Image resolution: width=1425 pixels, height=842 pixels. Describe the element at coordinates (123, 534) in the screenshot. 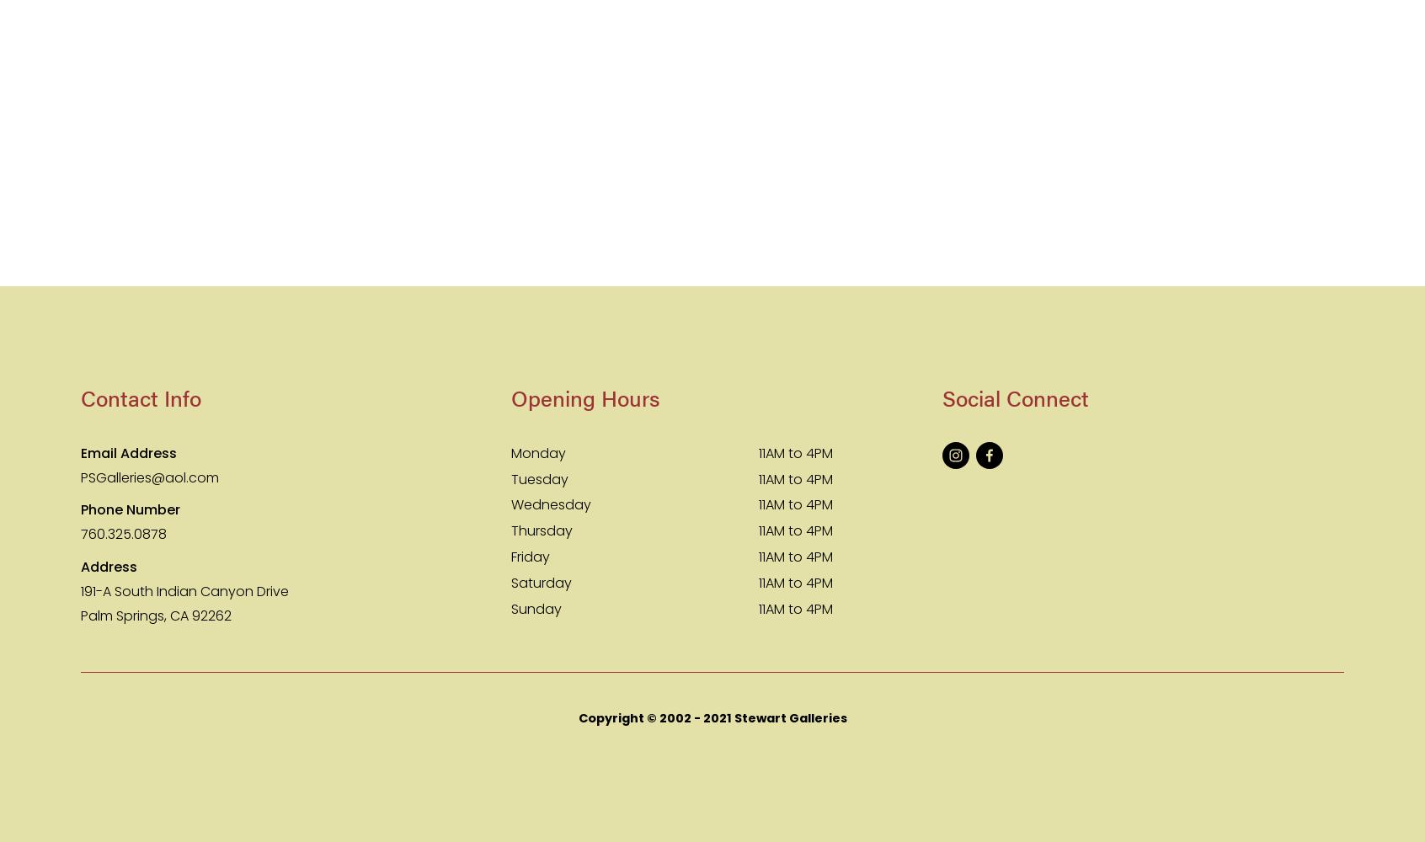

I see `'760.325.0878'` at that location.